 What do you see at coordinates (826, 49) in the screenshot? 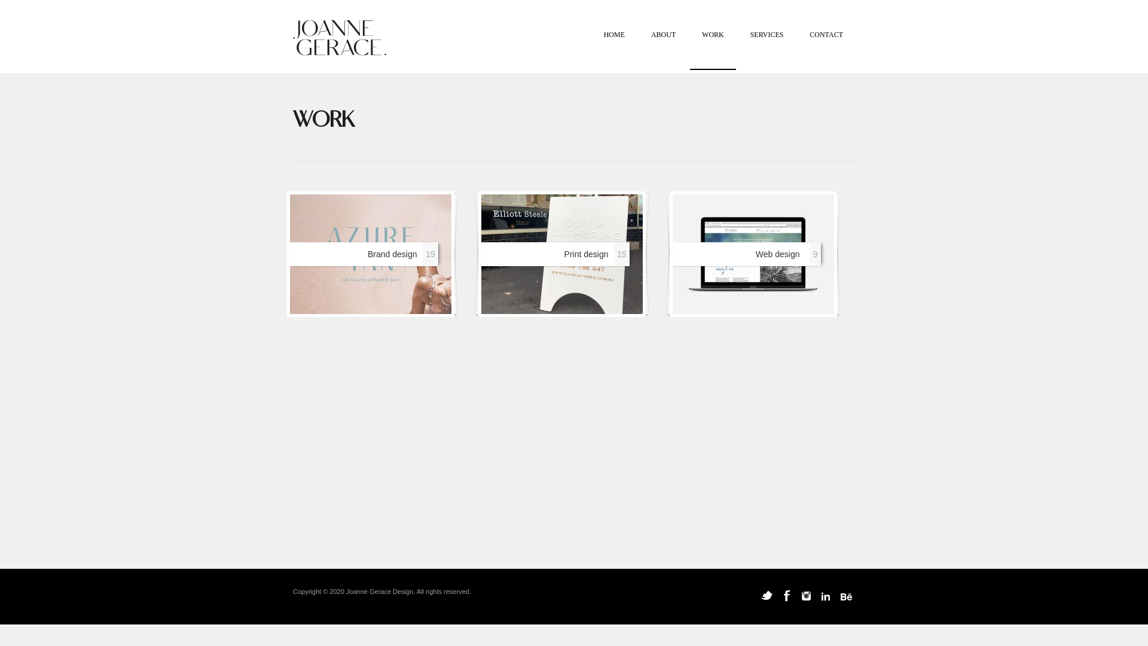
I see `'CONTACT'` at bounding box center [826, 49].